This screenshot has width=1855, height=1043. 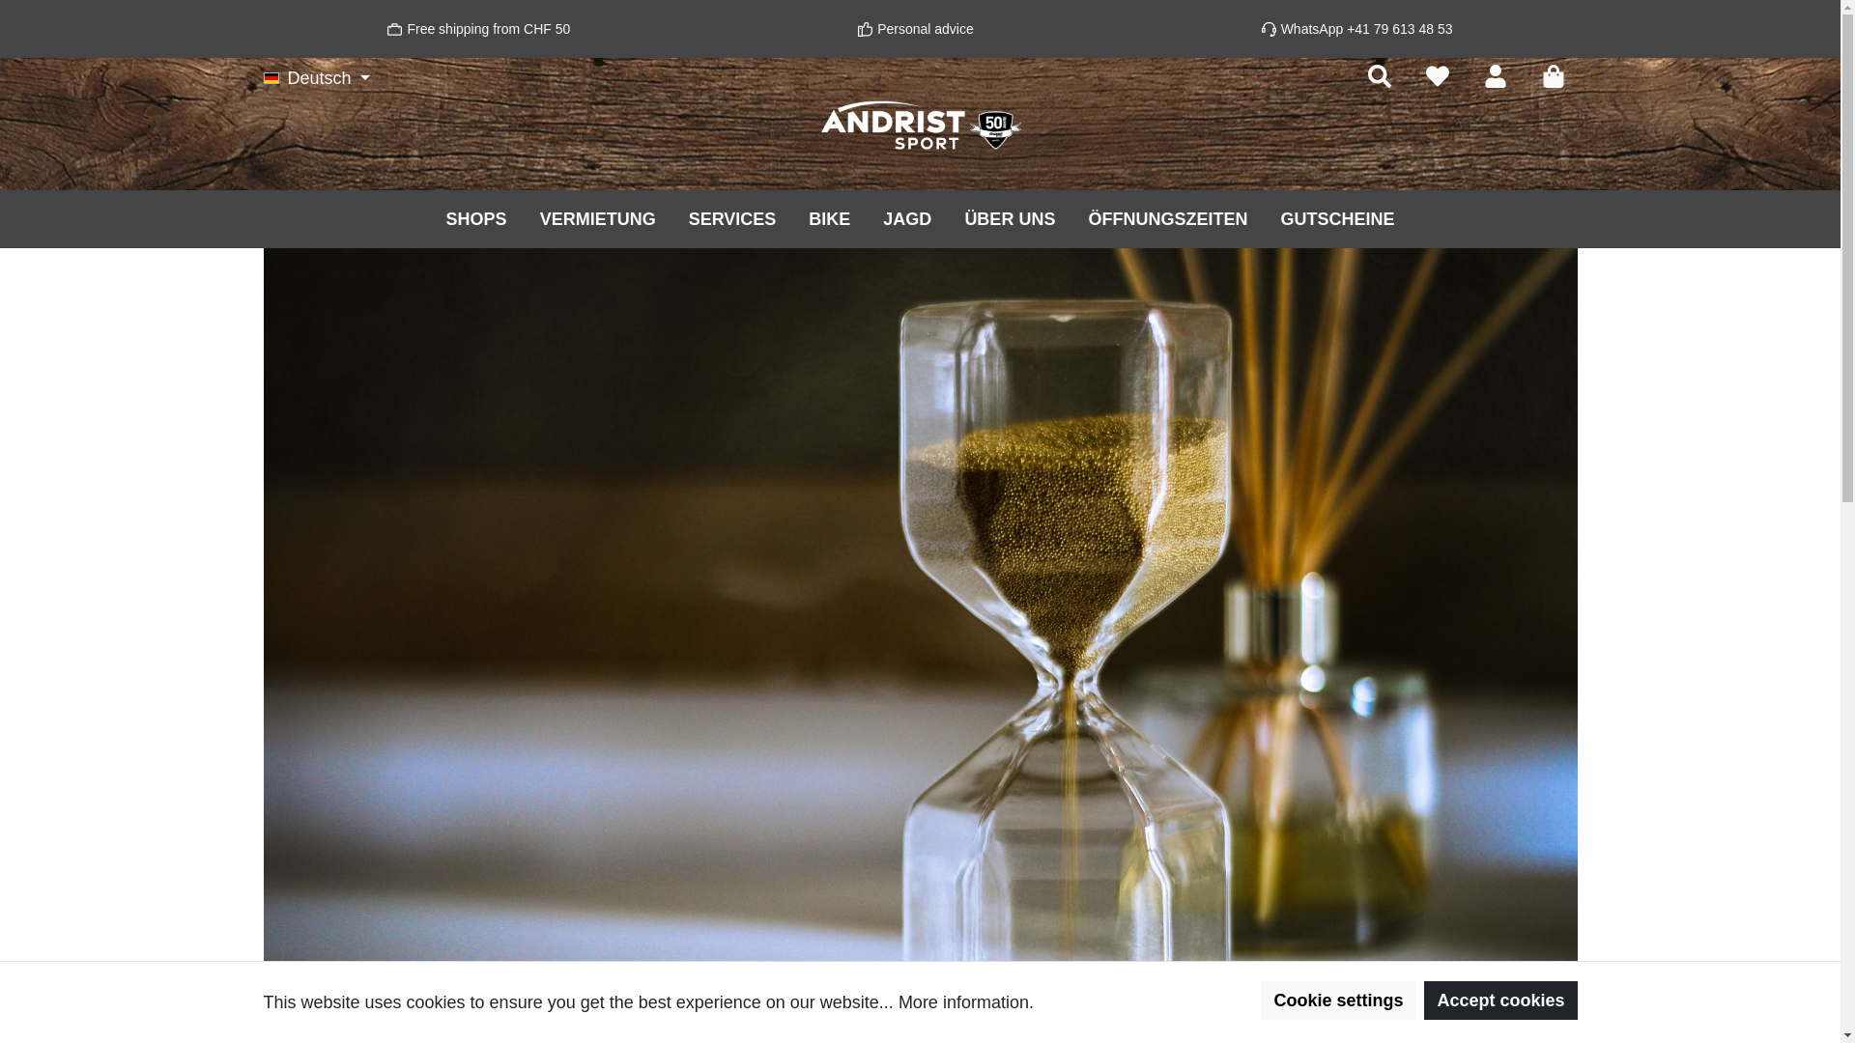 I want to click on 'JAGD', so click(x=906, y=217).